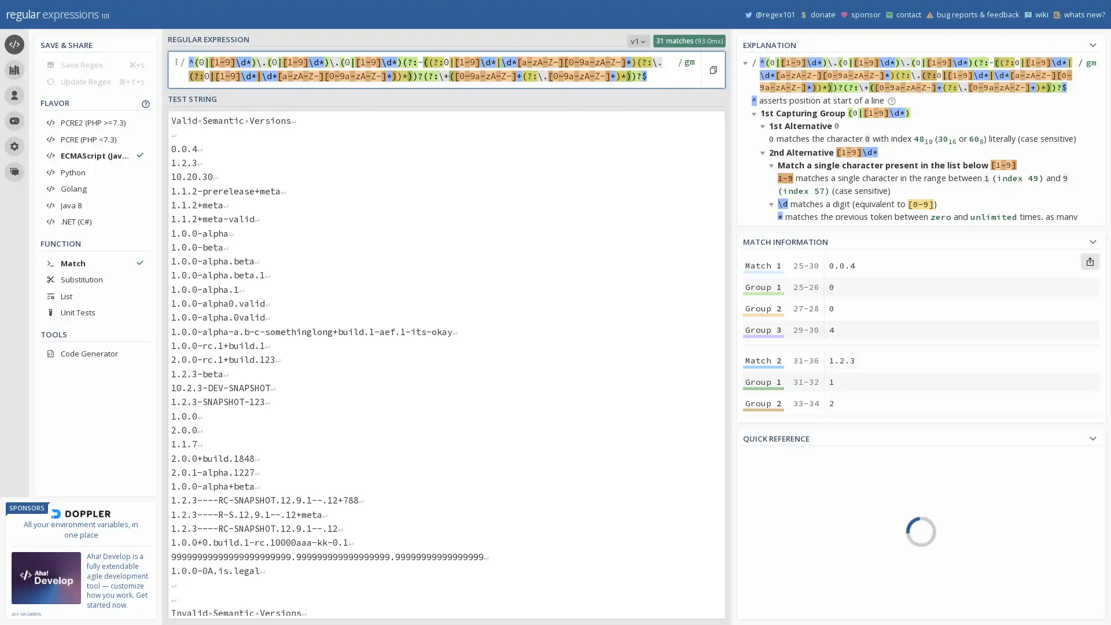  I want to click on Match 3, so click(763, 454).